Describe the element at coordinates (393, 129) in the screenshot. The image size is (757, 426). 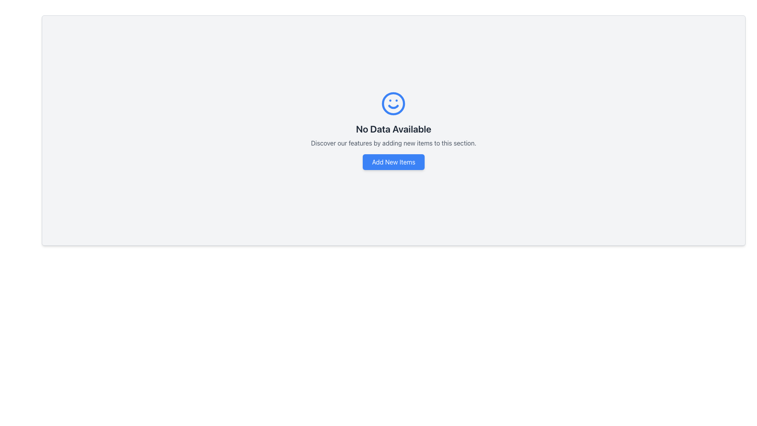
I see `the text label displaying 'No Data Available', which is prominently bolded and dark gray, located centrally beneath the smiley-face icon` at that location.